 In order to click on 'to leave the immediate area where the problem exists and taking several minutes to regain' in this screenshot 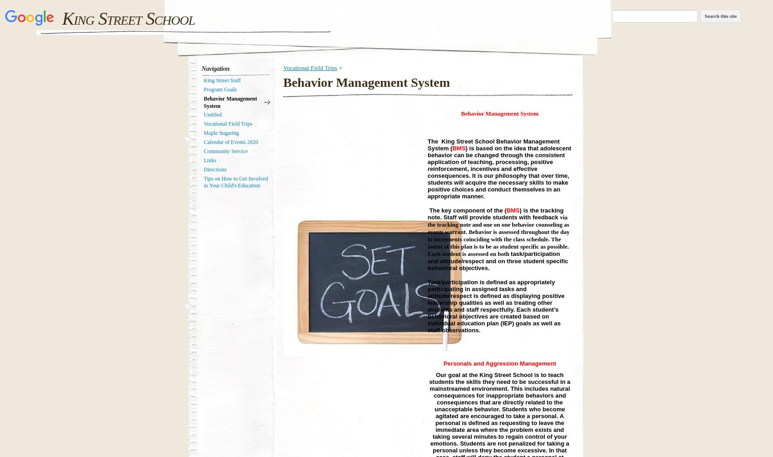, I will do `click(498, 429)`.